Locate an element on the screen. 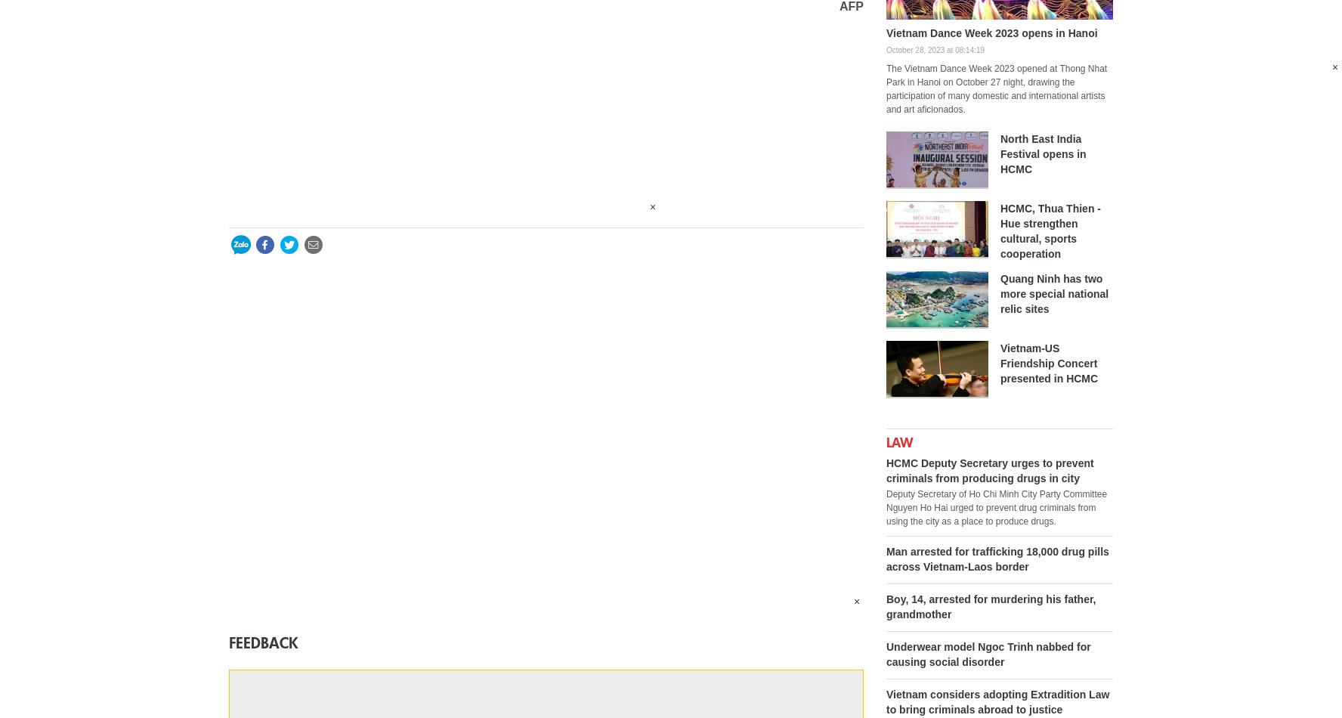 This screenshot has height=718, width=1342. 'HCMC Deputy Secretary urges to prevent criminals from producing drugs in city' is located at coordinates (989, 469).